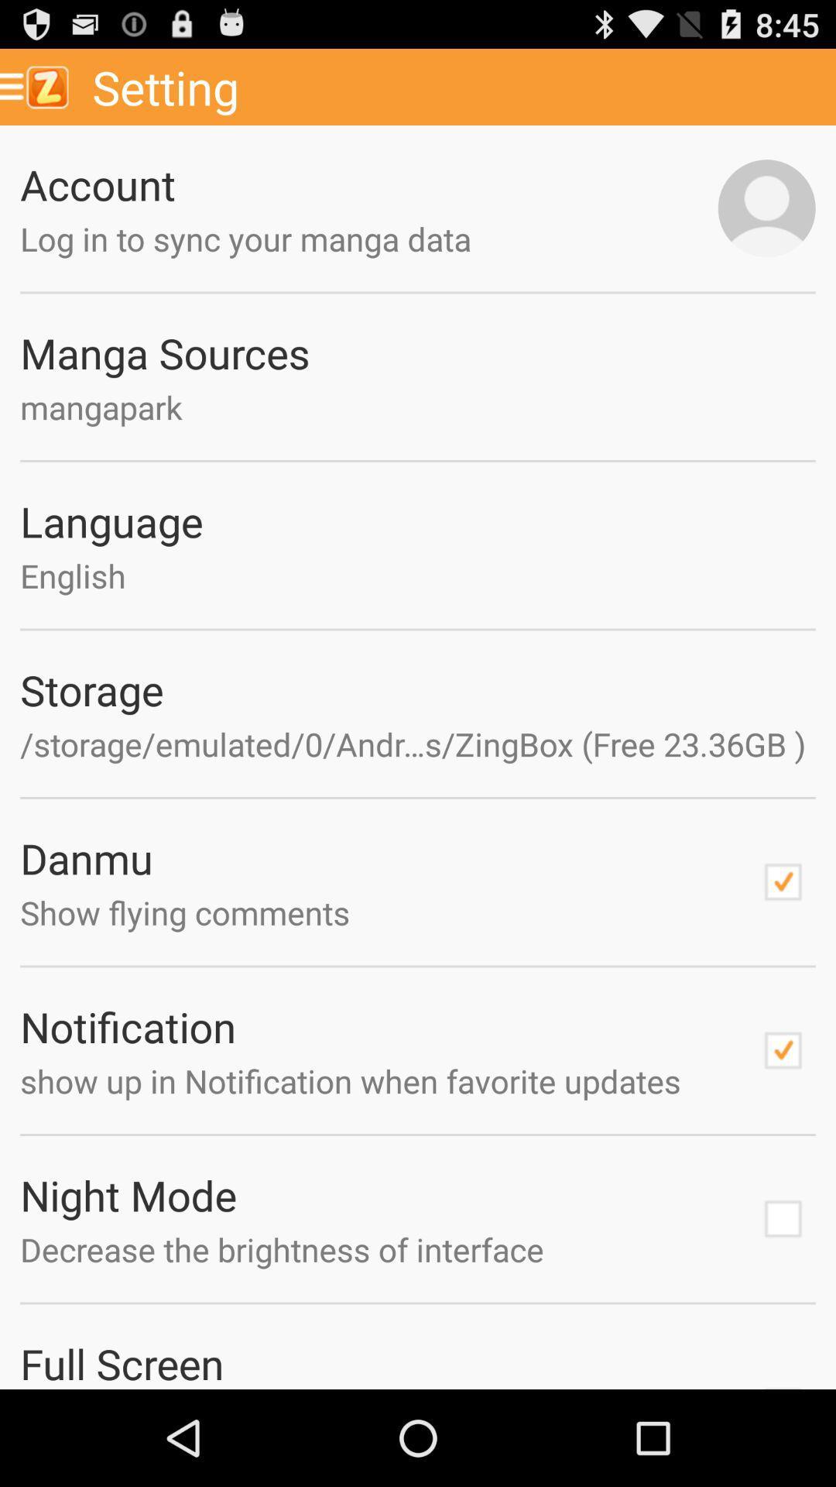  What do you see at coordinates (418, 407) in the screenshot?
I see `the mangapark icon` at bounding box center [418, 407].